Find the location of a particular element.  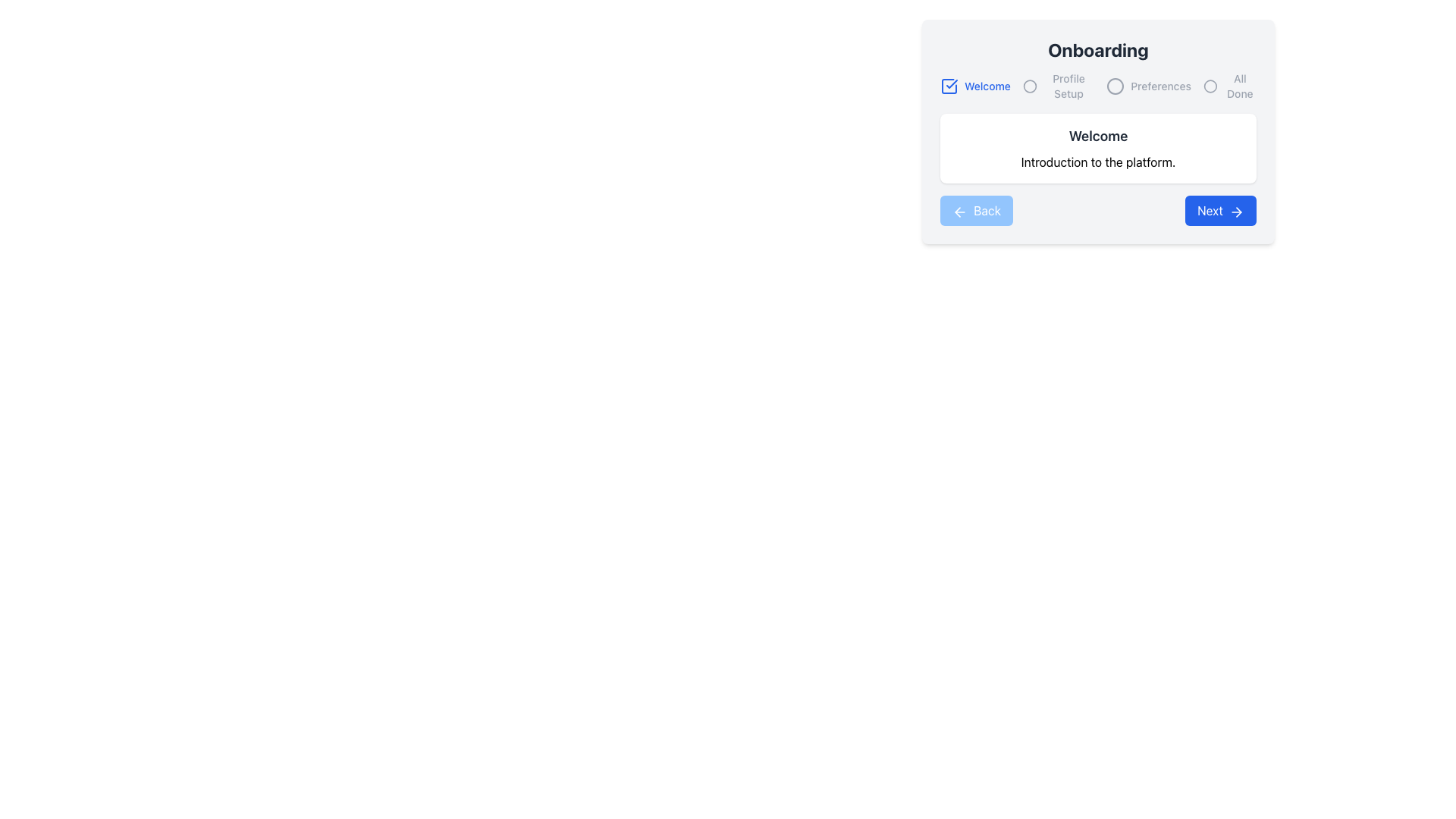

the 'Back' button icon, which serves as a visual indicator for navigating to the previous step, located at the bottom-left of the onboarding card layout is located at coordinates (957, 212).